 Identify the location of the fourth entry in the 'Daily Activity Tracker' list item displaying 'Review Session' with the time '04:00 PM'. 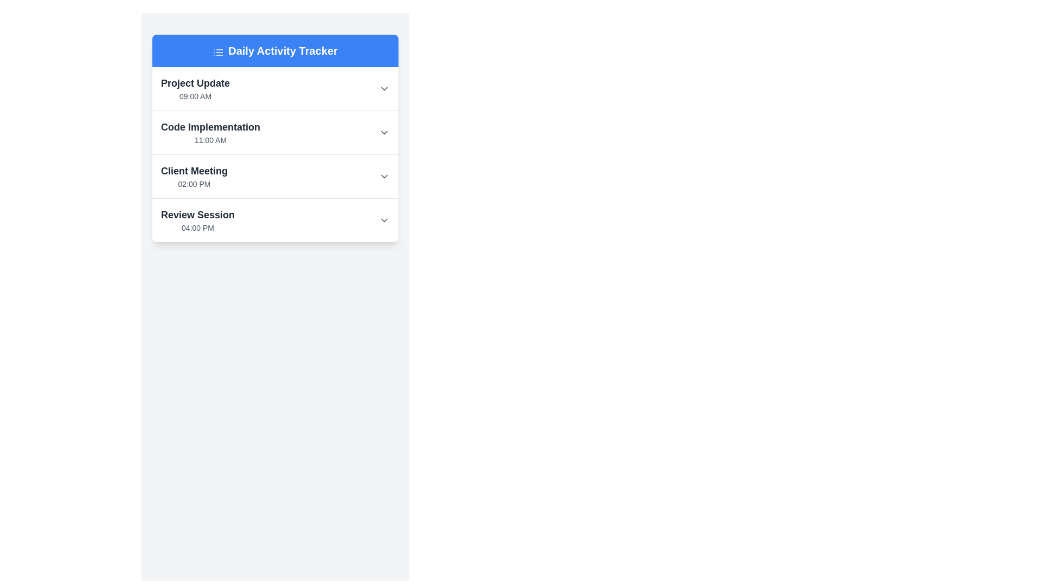
(275, 220).